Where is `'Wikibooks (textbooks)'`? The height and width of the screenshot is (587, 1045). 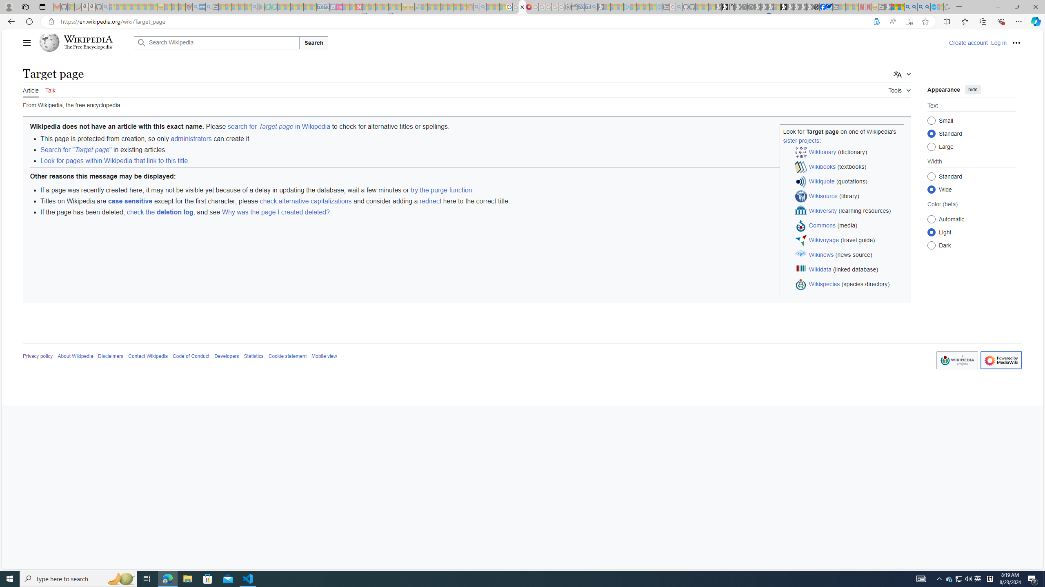
'Wikibooks (textbooks)' is located at coordinates (847, 167).